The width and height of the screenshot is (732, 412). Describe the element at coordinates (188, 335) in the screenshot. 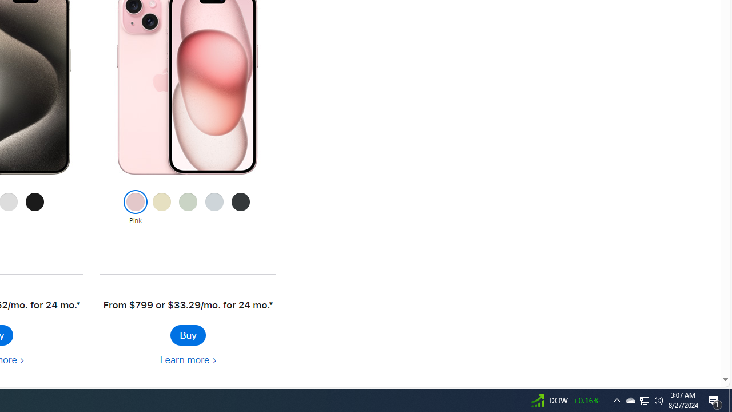

I see `'Buy iPhone 15'` at that location.